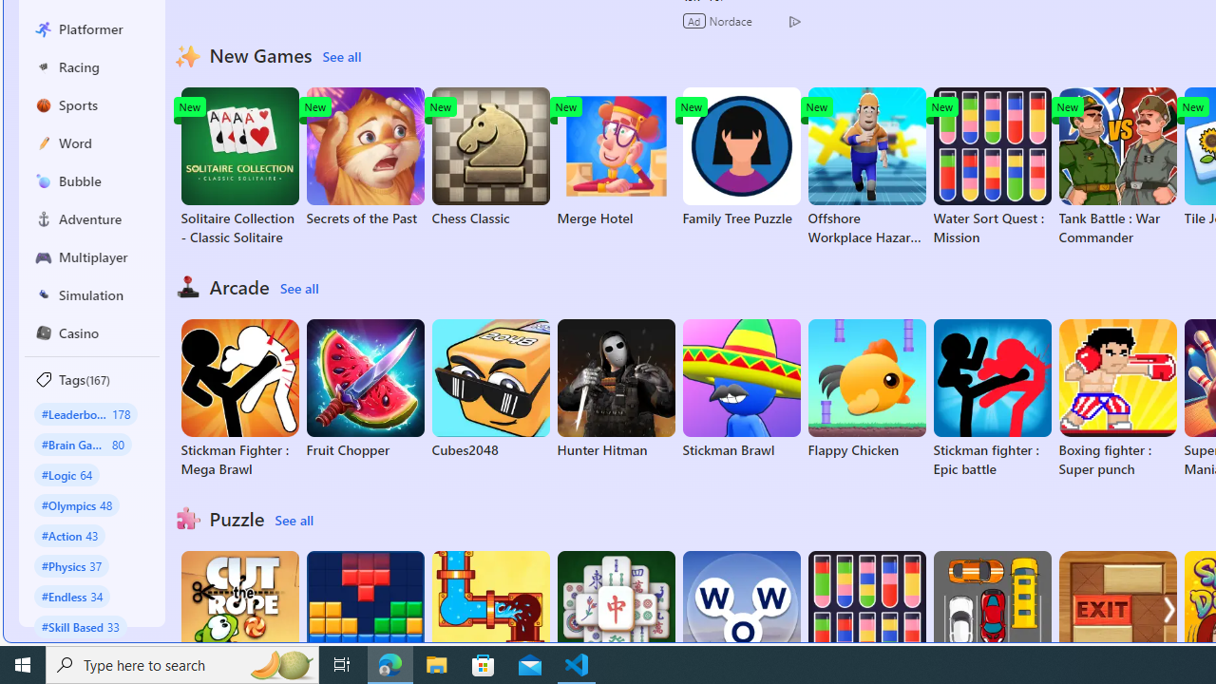 Image resolution: width=1216 pixels, height=684 pixels. What do you see at coordinates (85, 412) in the screenshot?
I see `'#Leaderboard 178'` at bounding box center [85, 412].